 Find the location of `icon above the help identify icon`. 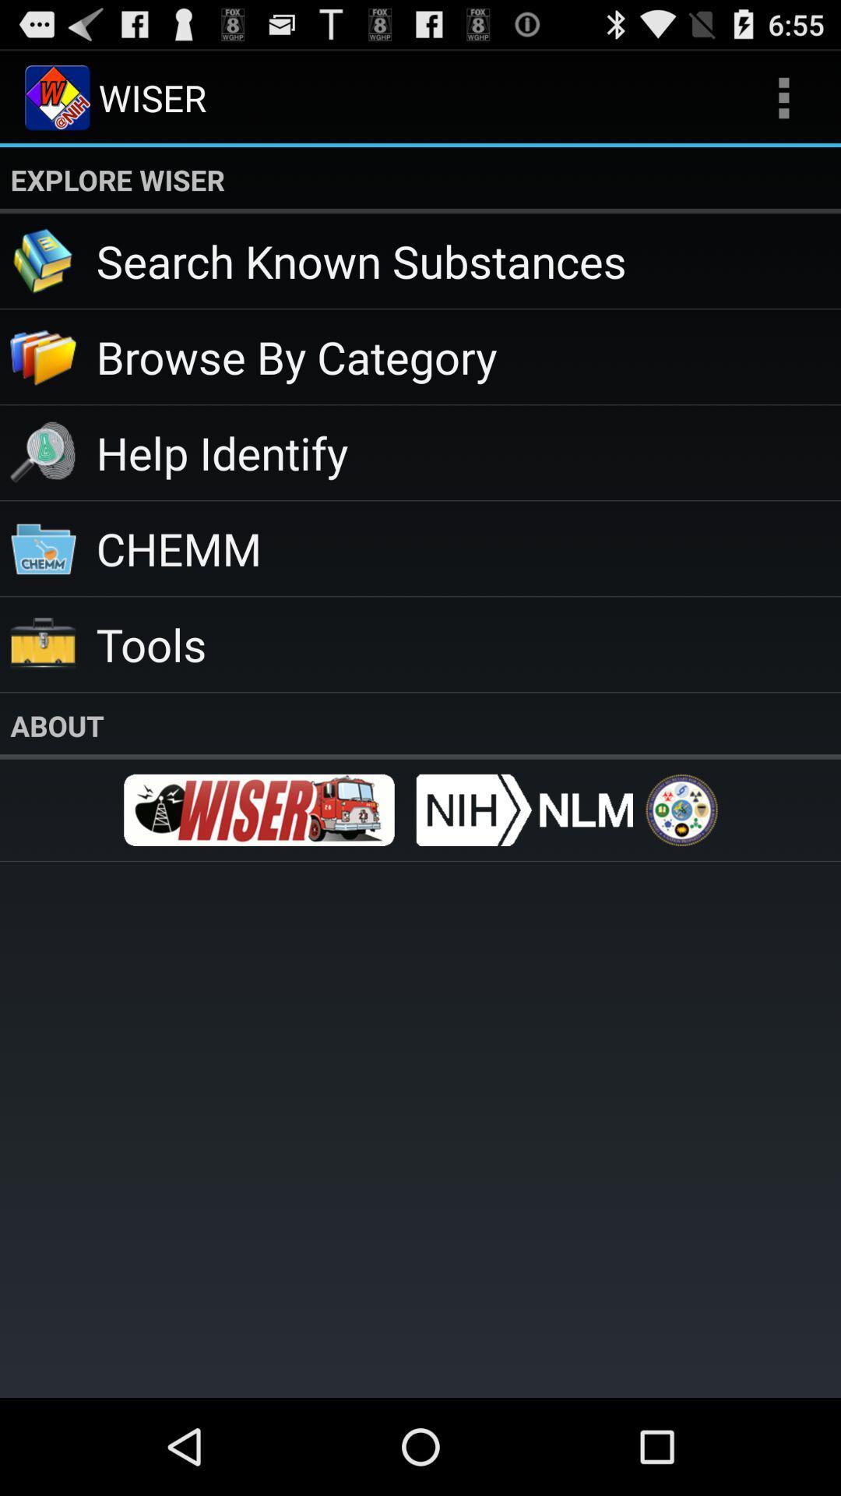

icon above the help identify icon is located at coordinates (467, 355).